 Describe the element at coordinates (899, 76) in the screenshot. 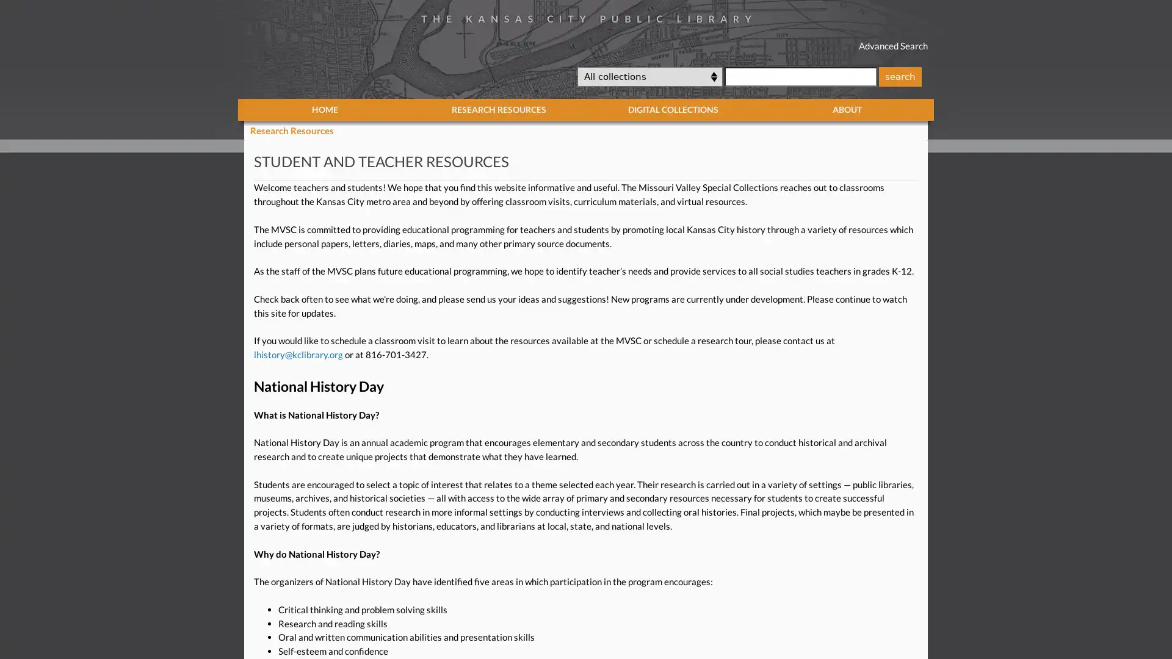

I see `search` at that location.